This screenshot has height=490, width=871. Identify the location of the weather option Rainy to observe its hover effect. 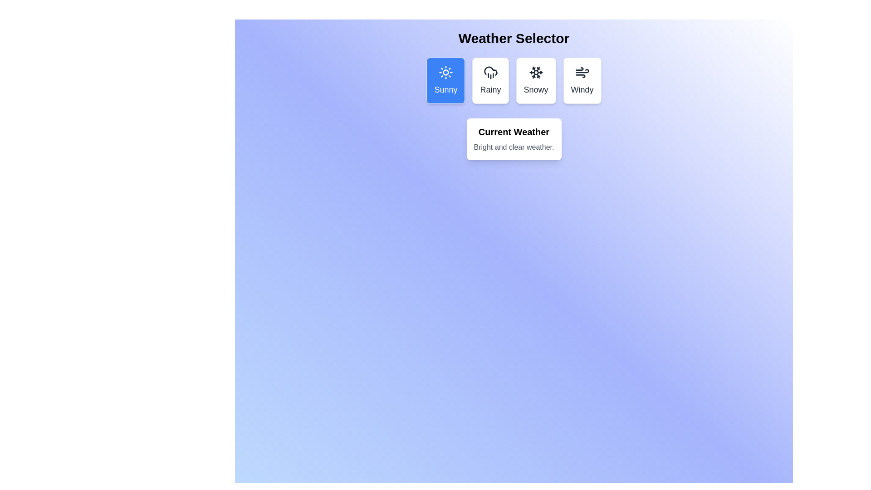
(490, 80).